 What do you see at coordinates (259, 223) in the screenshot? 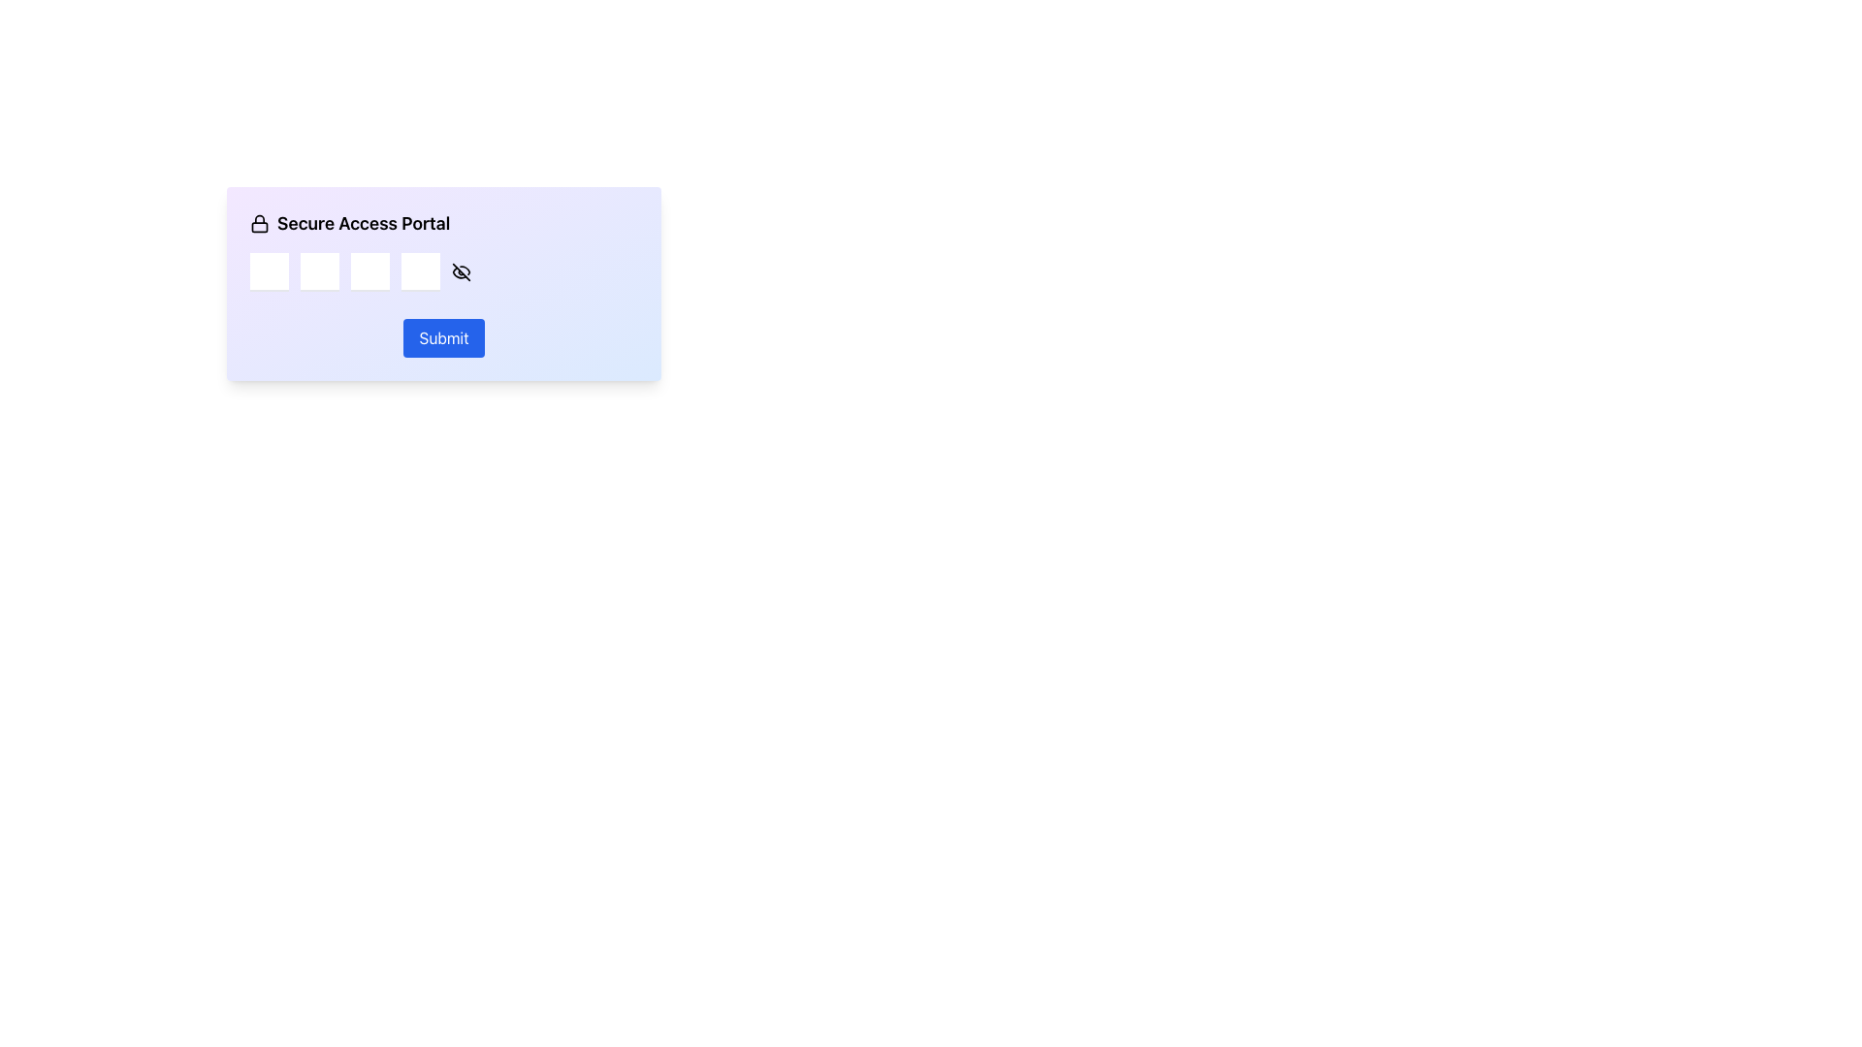
I see `the minimalist lock icon located to the left of the 'Secure Access Portal' text` at bounding box center [259, 223].